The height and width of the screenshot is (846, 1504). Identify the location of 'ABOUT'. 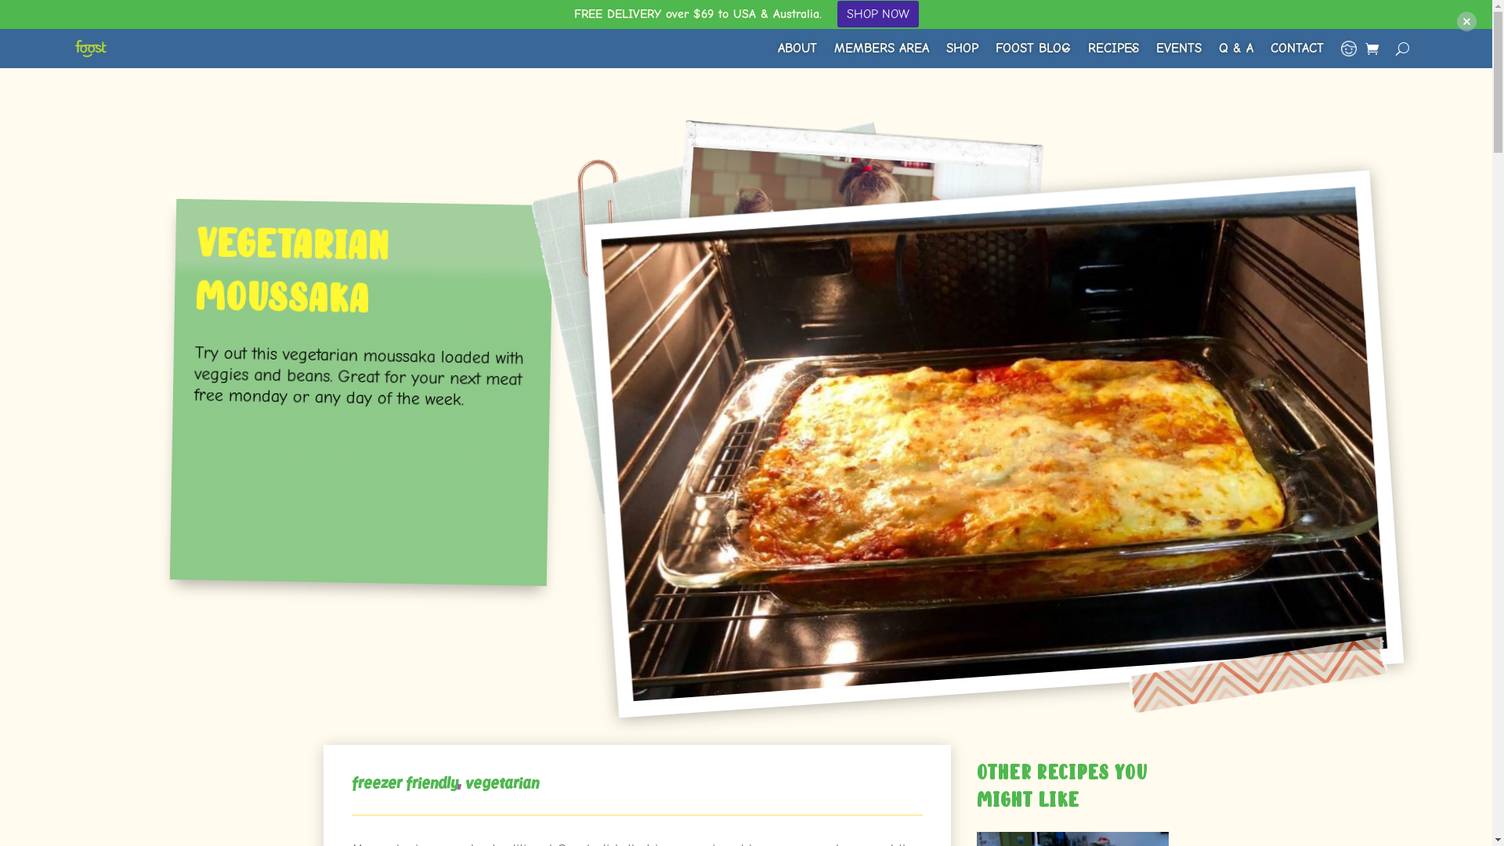
(797, 47).